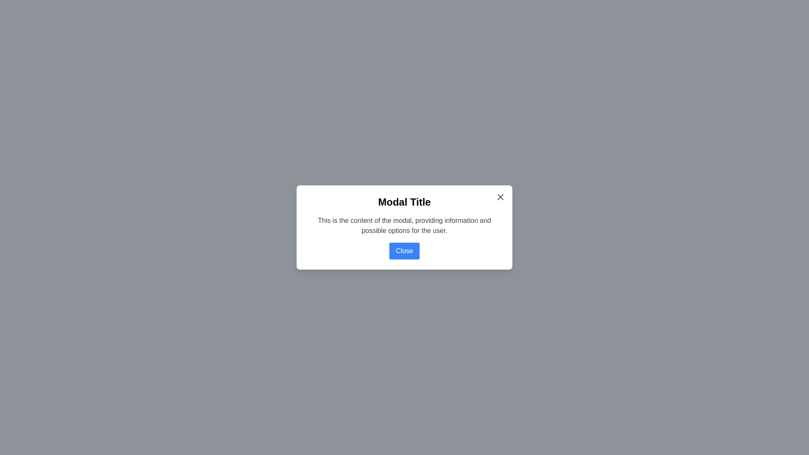 The image size is (809, 455). What do you see at coordinates (404, 251) in the screenshot?
I see `the button located at the bottom center of the modal window` at bounding box center [404, 251].